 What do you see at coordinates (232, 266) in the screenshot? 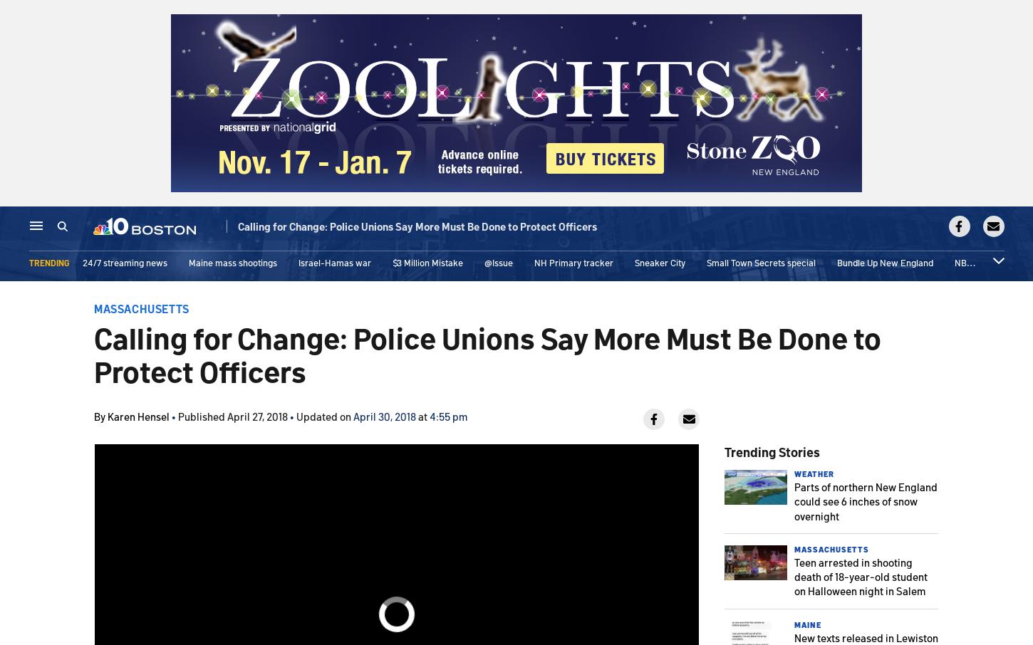
I see `'Maine mass shootings'` at bounding box center [232, 266].